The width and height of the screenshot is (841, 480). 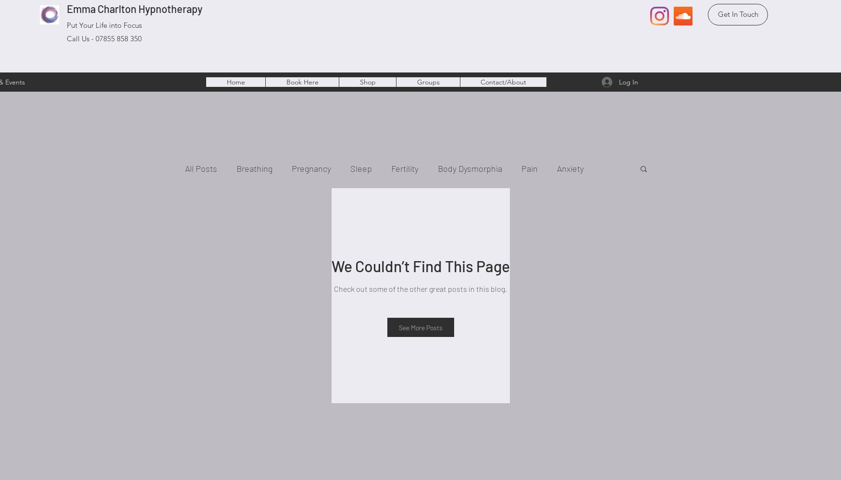 What do you see at coordinates (325, 207) in the screenshot?
I see `'IBS'` at bounding box center [325, 207].